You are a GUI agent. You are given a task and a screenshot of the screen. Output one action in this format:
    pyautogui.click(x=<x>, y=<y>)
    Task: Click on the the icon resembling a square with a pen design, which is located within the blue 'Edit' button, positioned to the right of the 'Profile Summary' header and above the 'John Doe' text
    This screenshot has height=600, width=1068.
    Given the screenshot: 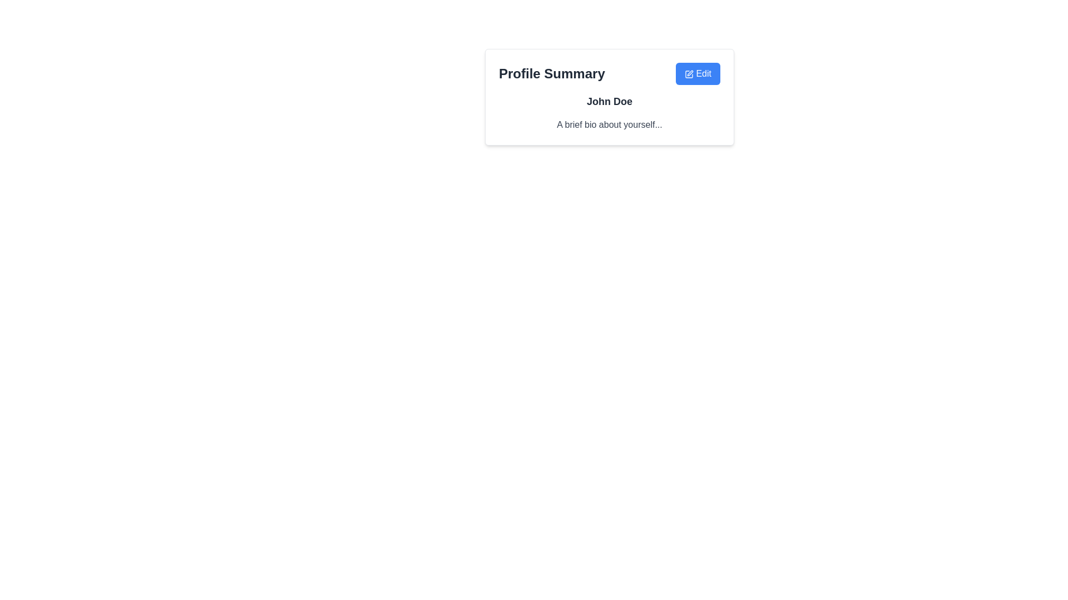 What is the action you would take?
    pyautogui.click(x=688, y=74)
    